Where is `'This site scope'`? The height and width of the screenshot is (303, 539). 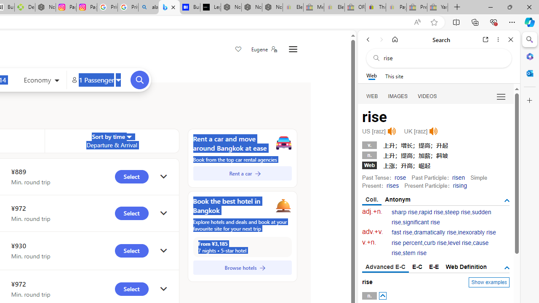 'This site scope' is located at coordinates (394, 76).